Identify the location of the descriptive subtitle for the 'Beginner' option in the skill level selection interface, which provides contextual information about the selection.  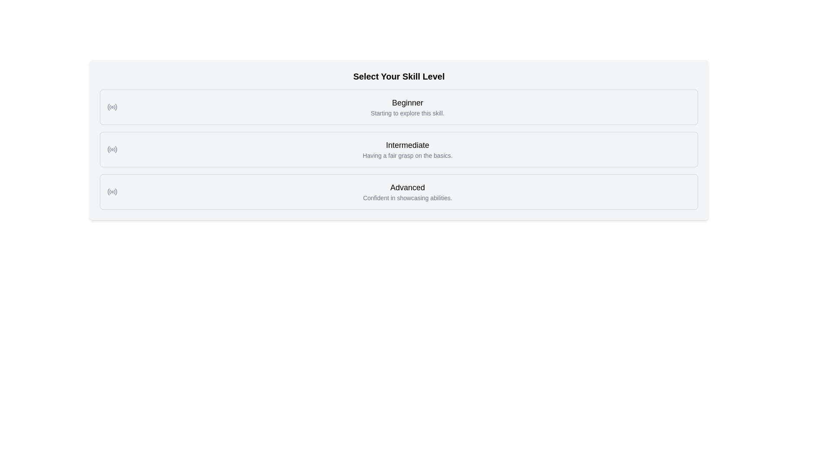
(407, 113).